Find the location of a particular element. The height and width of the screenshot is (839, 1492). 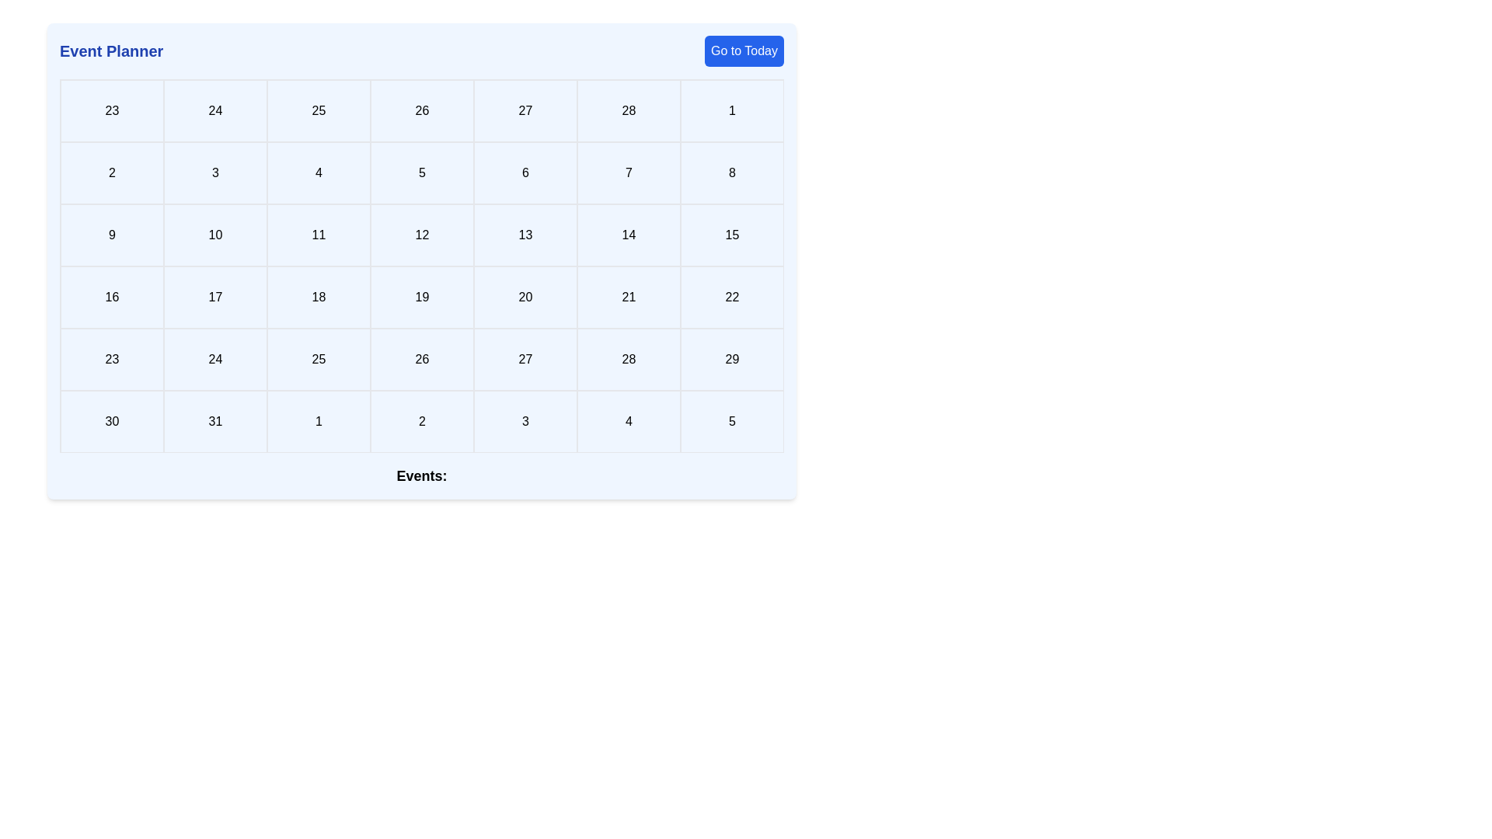

the grid cell displaying the number '27' in the first row and fifth column of the calendar grid layout is located at coordinates (525, 110).